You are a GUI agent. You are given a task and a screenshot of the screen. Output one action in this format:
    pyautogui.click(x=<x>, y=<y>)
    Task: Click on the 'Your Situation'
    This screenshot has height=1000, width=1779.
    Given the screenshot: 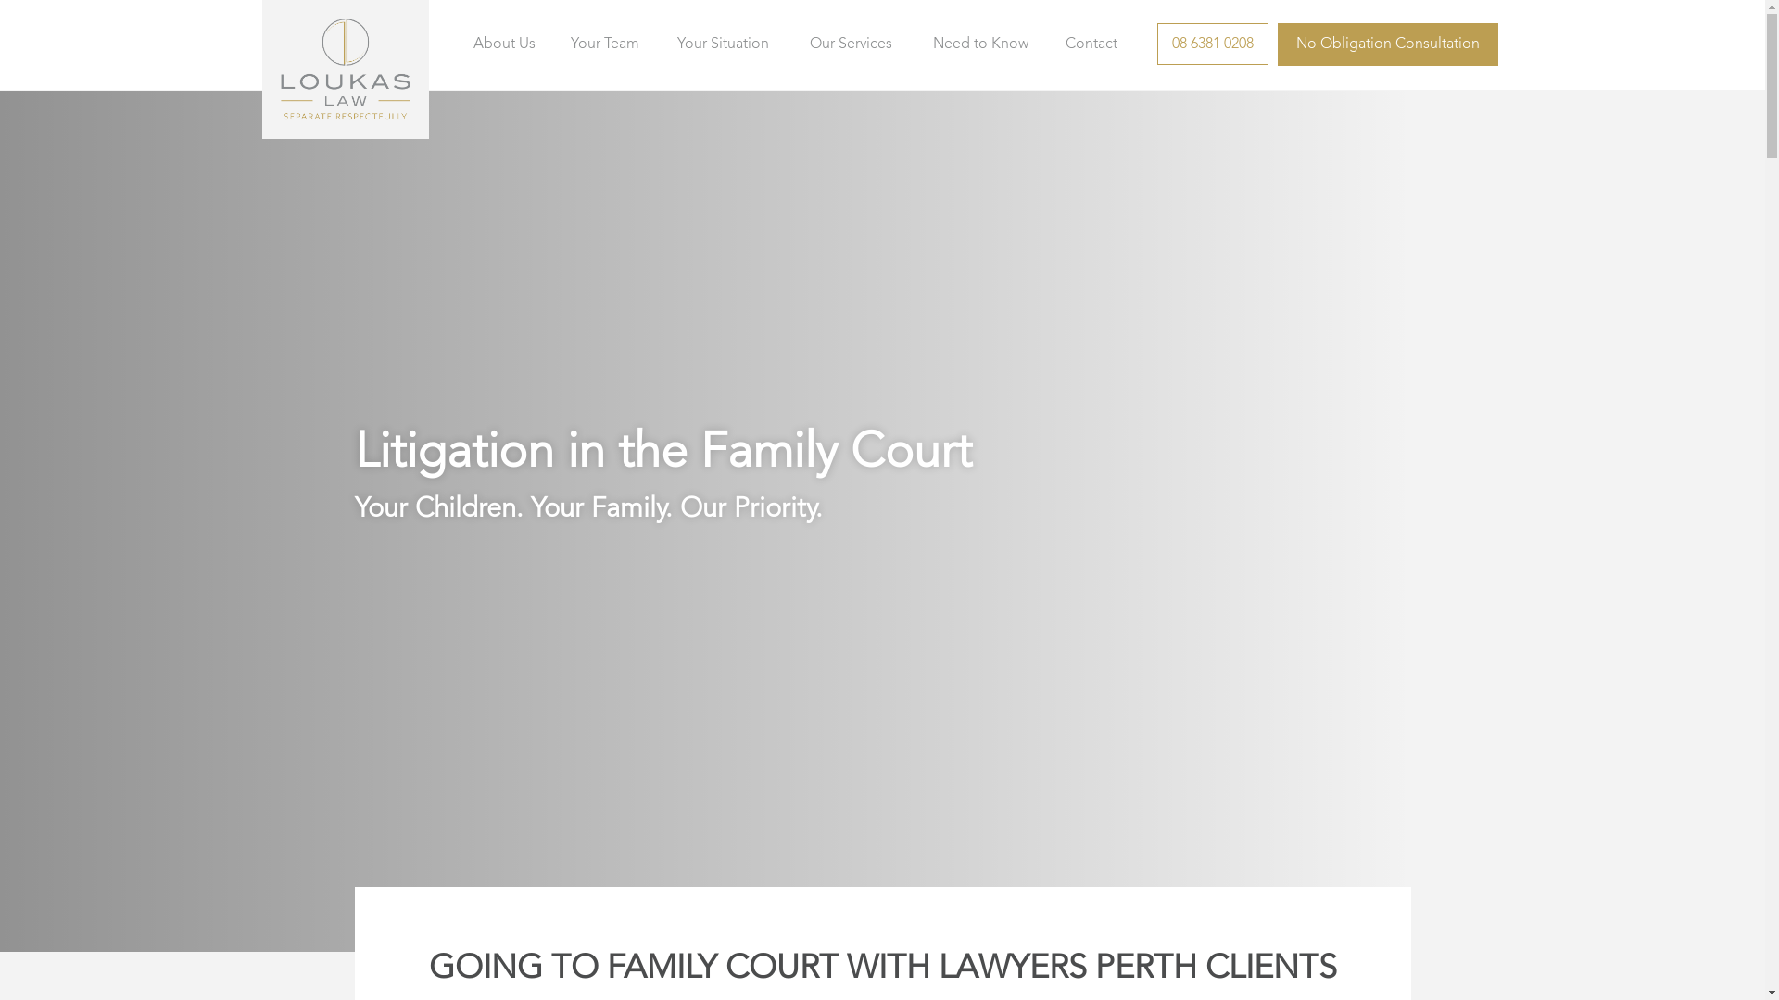 What is the action you would take?
    pyautogui.click(x=722, y=44)
    